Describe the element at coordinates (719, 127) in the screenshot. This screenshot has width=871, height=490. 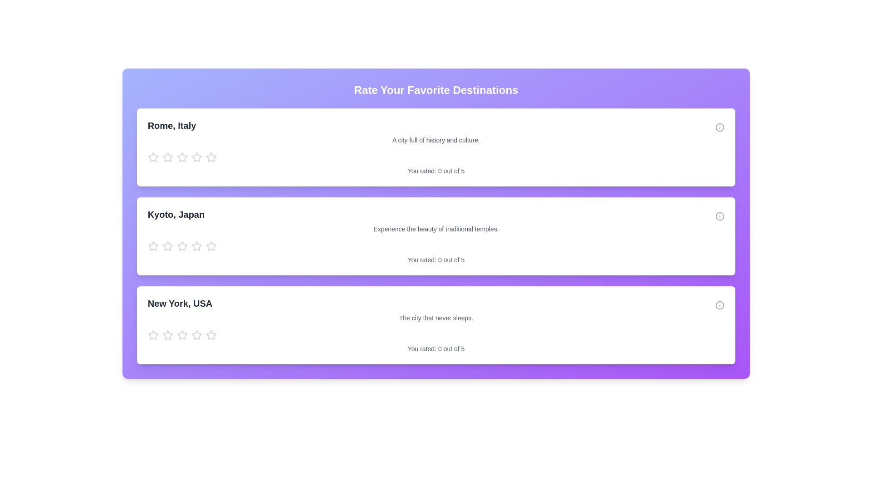
I see `the information icon located to the far right of the title 'Rome, Italy'` at that location.